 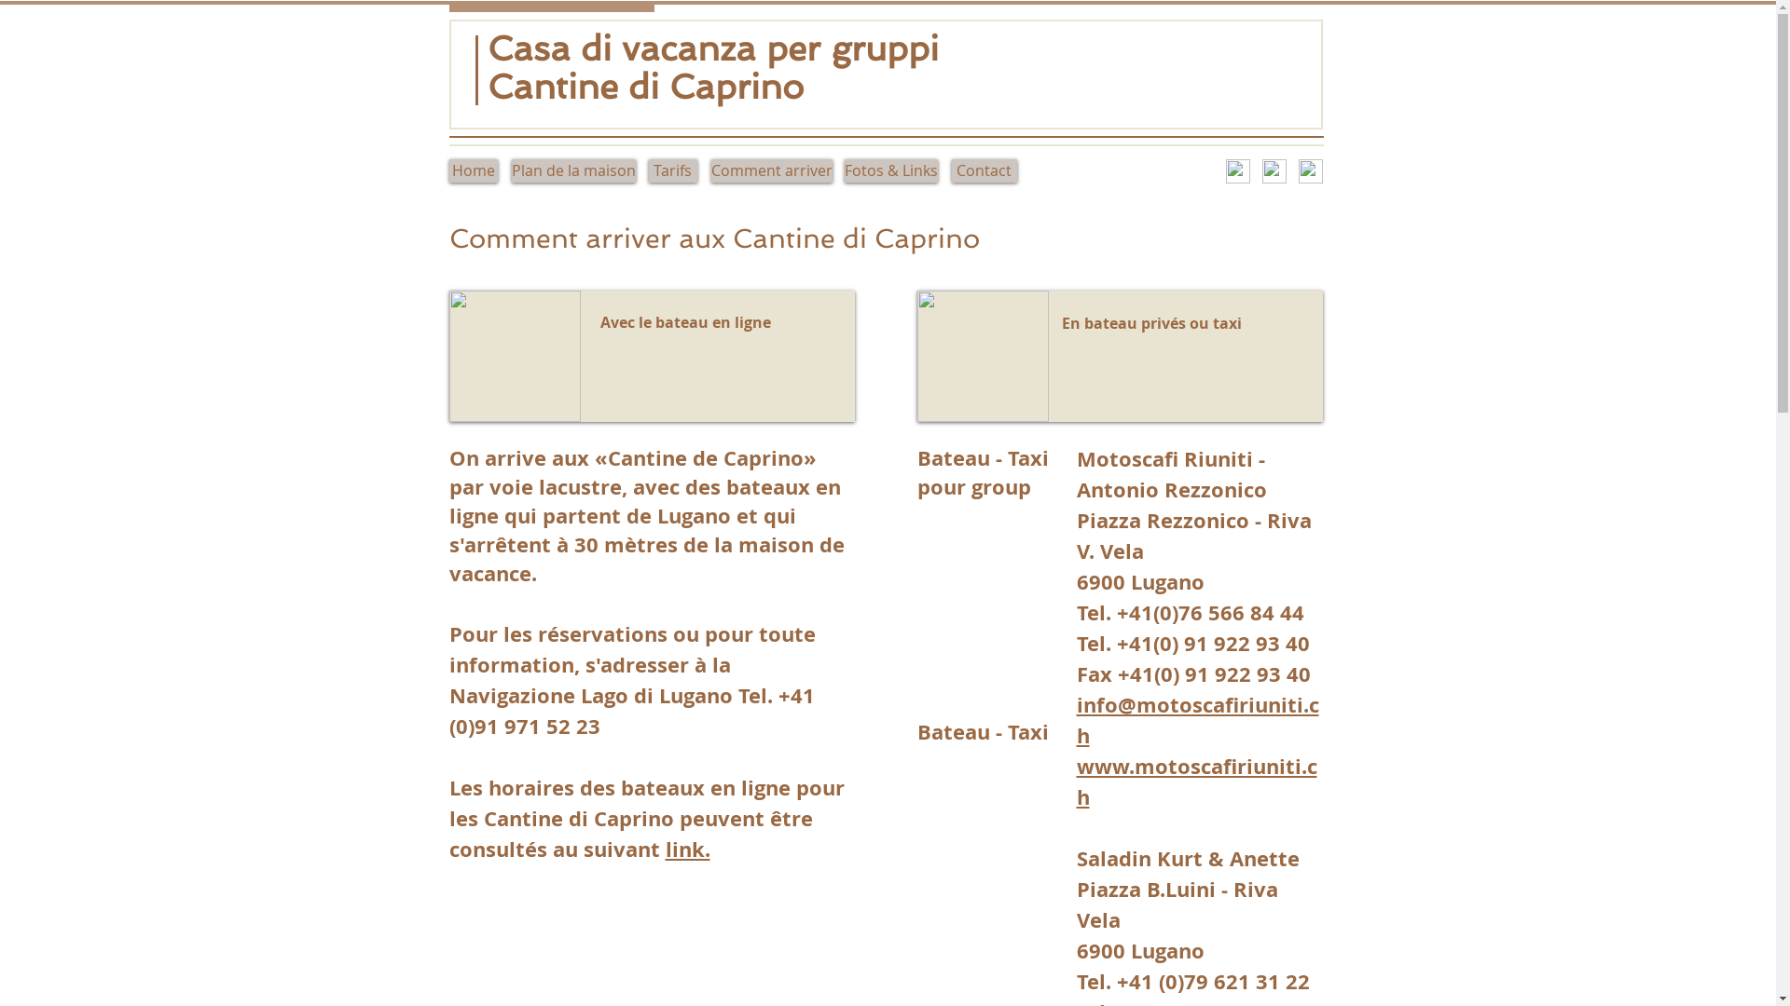 What do you see at coordinates (770, 170) in the screenshot?
I see `'Comment arriver'` at bounding box center [770, 170].